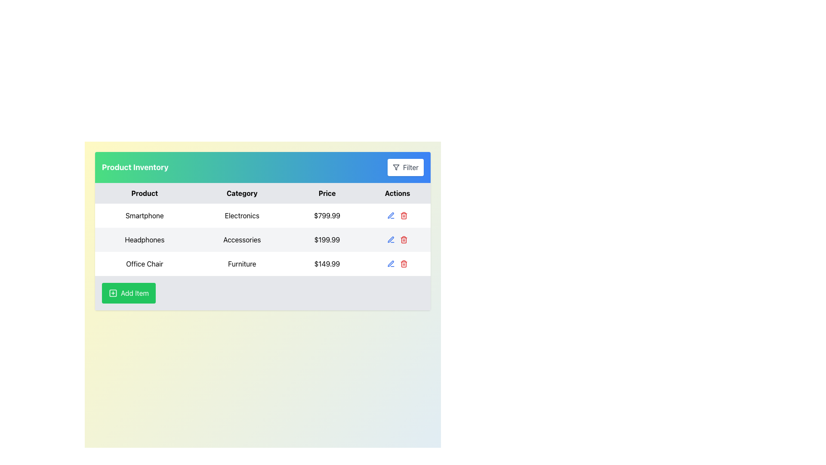 This screenshot has width=826, height=465. I want to click on the static text label indicating 'Product Inventory' located at the top left of the section header, so click(135, 167).